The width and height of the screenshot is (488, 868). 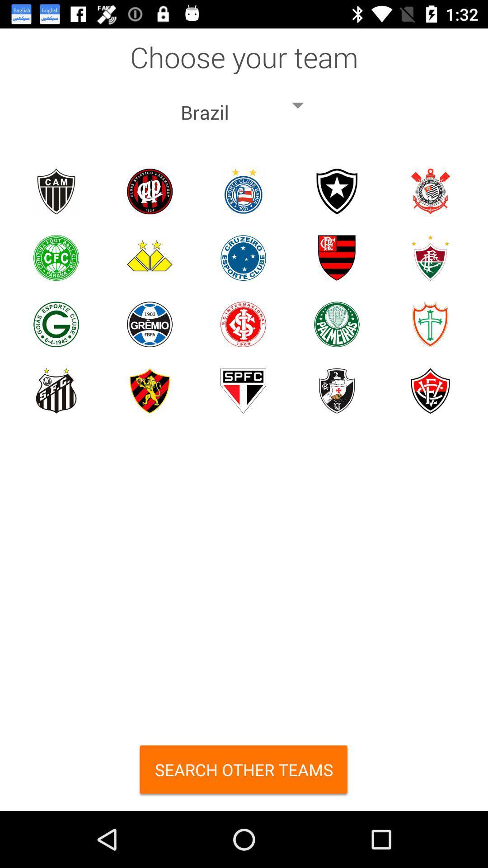 What do you see at coordinates (337, 391) in the screenshot?
I see `see info for this team` at bounding box center [337, 391].